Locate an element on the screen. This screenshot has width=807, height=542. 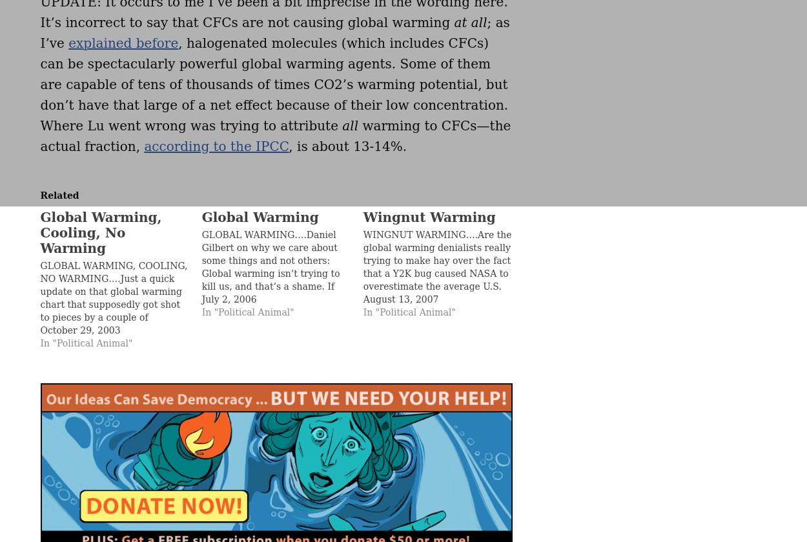
'according to the IPCC' is located at coordinates (216, 146).